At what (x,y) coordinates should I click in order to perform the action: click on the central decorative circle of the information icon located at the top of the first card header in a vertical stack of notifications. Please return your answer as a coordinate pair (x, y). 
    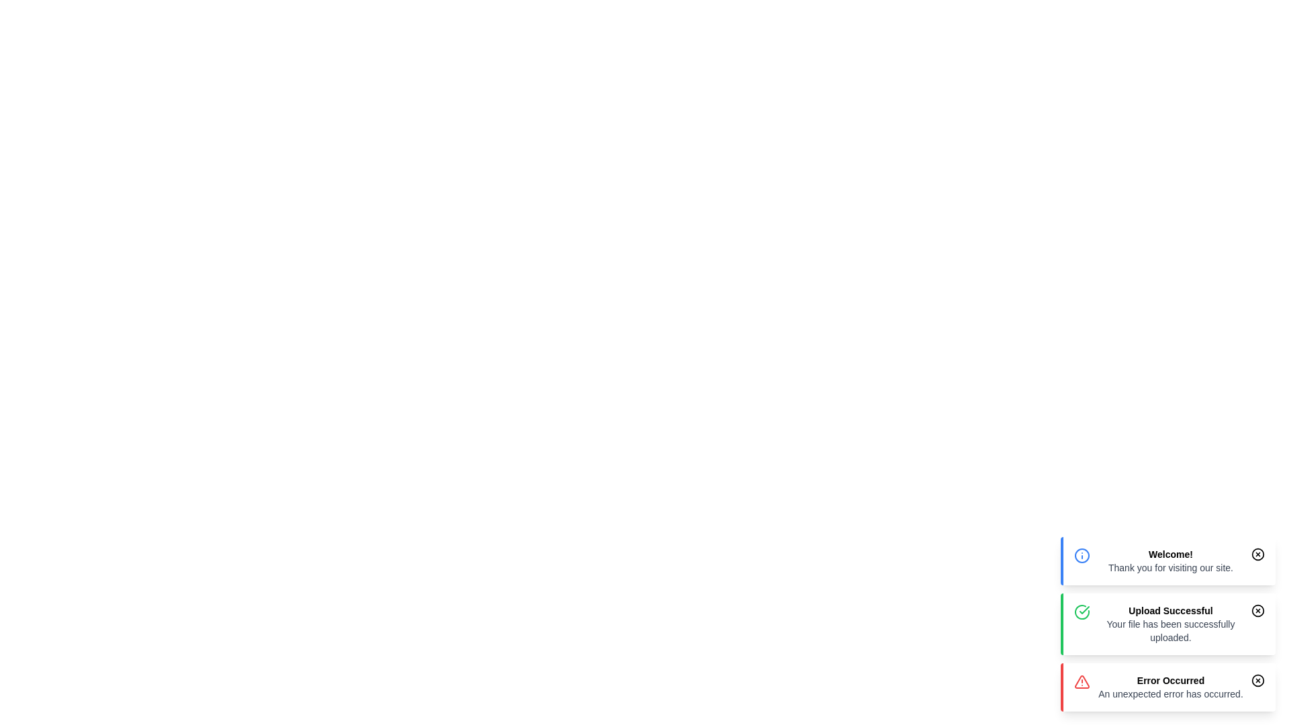
    Looking at the image, I should click on (1082, 556).